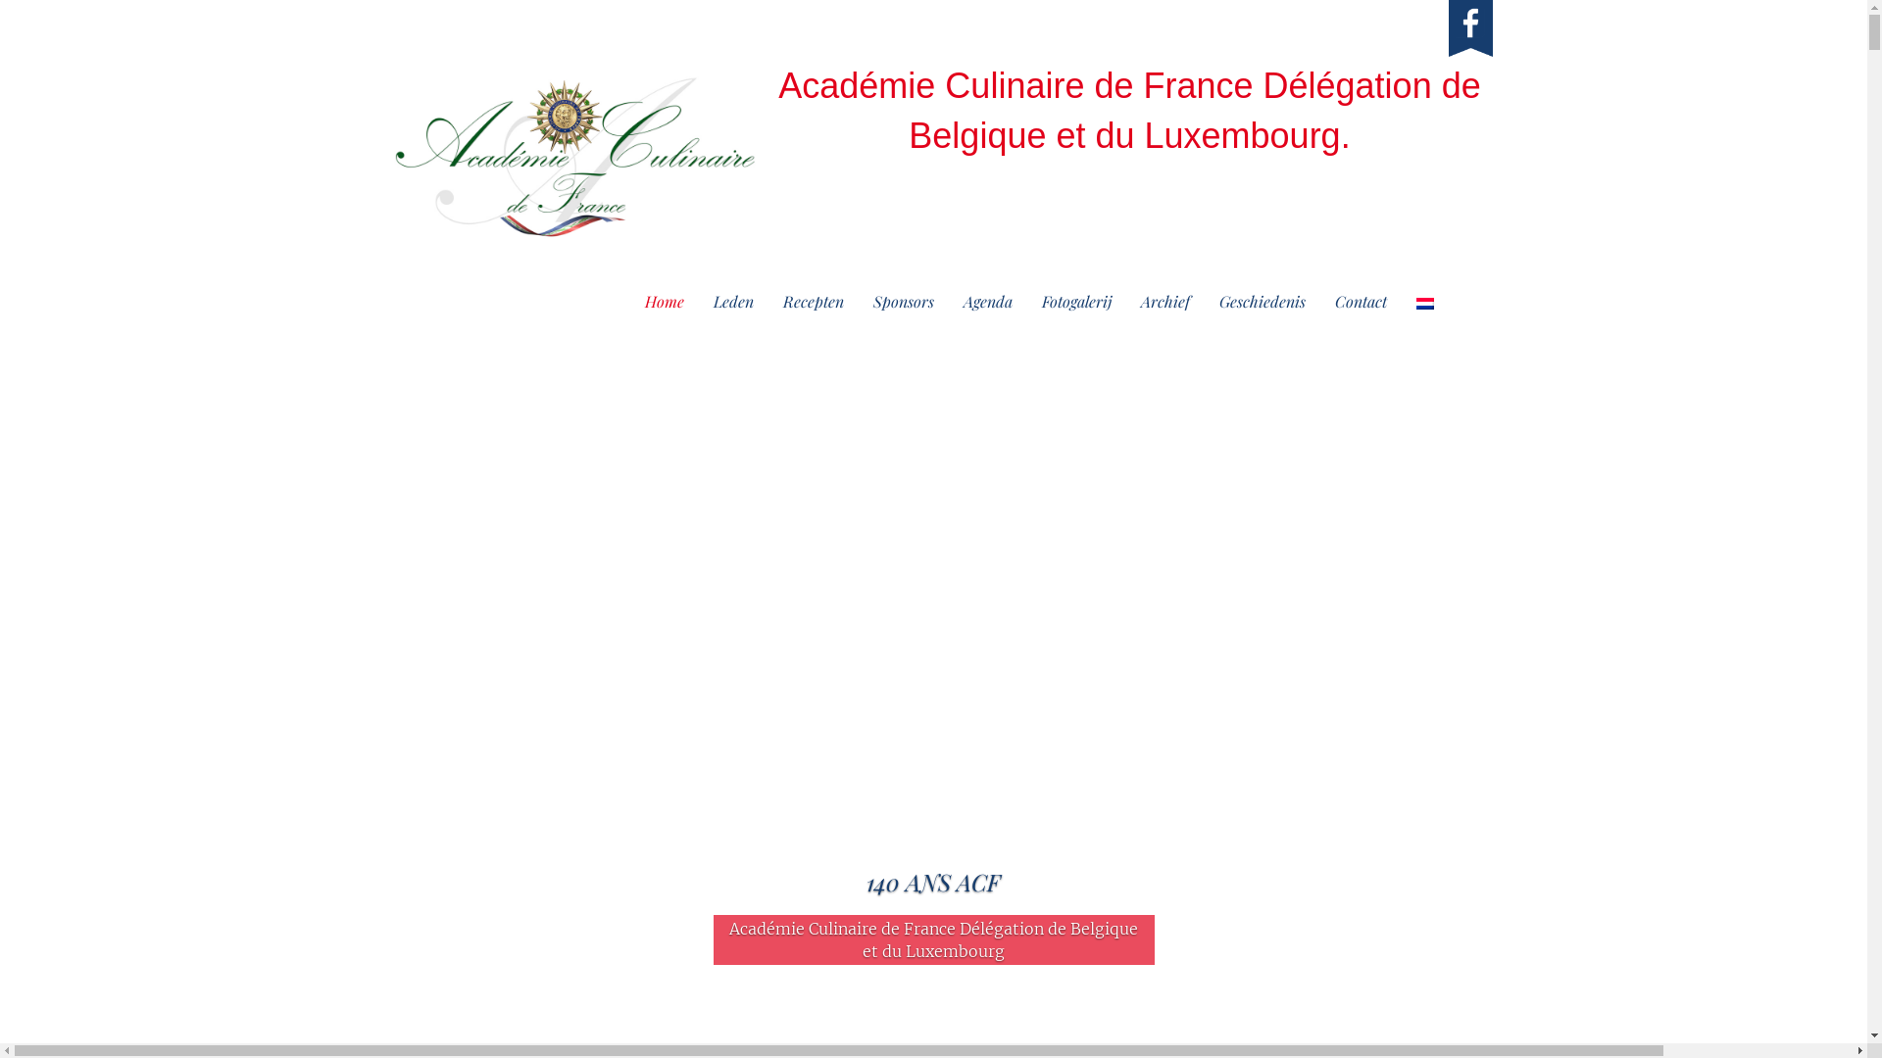 This screenshot has height=1058, width=1882. What do you see at coordinates (1075, 302) in the screenshot?
I see `'Fotogalerij'` at bounding box center [1075, 302].